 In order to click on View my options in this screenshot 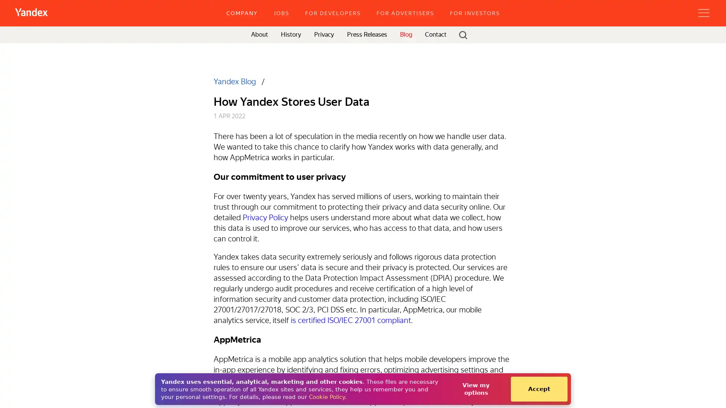, I will do `click(475, 389)`.